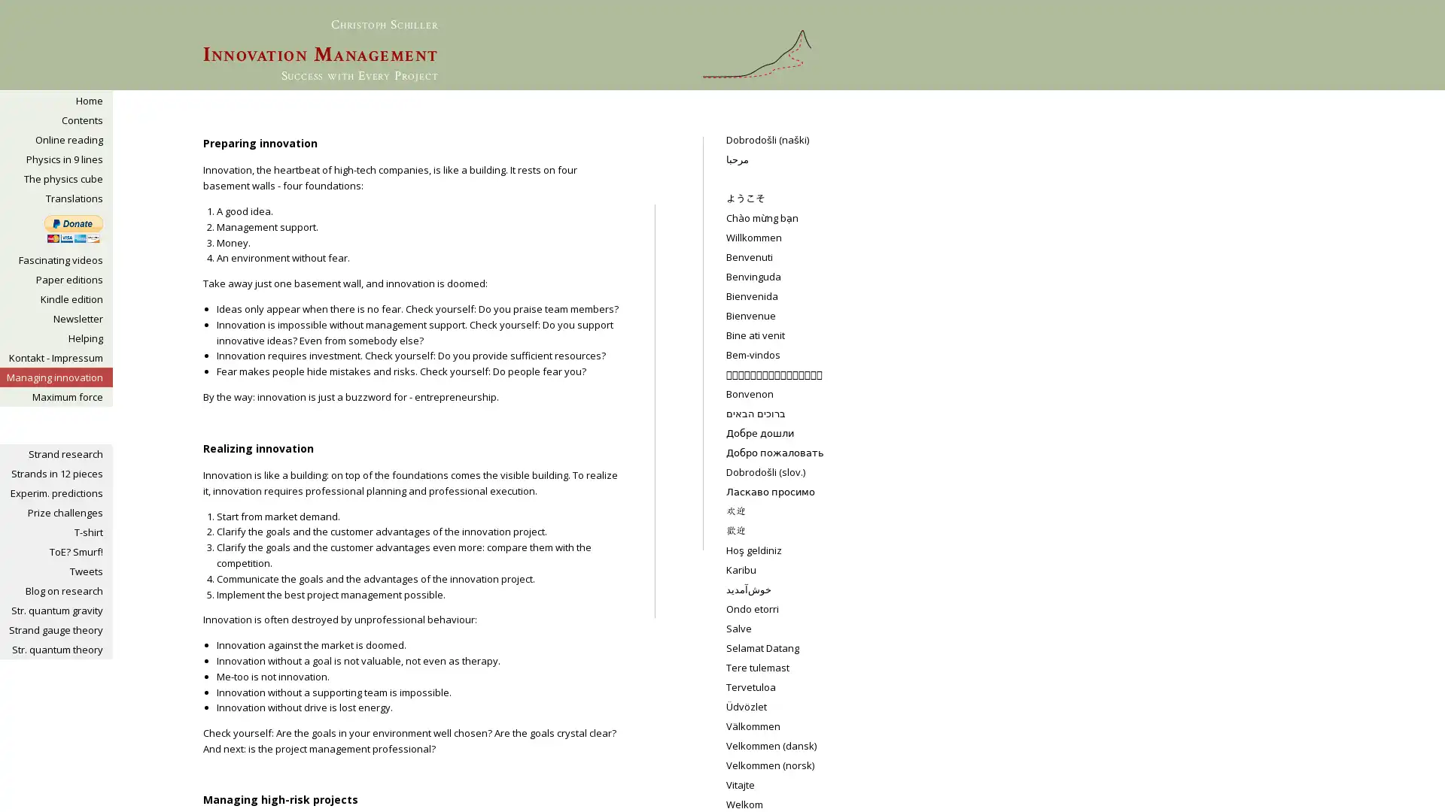 This screenshot has height=812, width=1445. I want to click on | Donate Button |, so click(72, 229).